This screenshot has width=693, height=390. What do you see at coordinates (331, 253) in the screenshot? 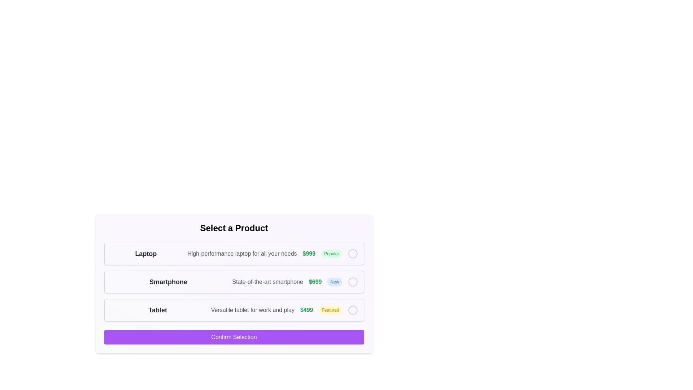
I see `the 'Popular' badge, which is a pill-shaped element with a light green background, located within the first product card labeled 'Laptop', positioned to the right of the price '$999'` at bounding box center [331, 253].